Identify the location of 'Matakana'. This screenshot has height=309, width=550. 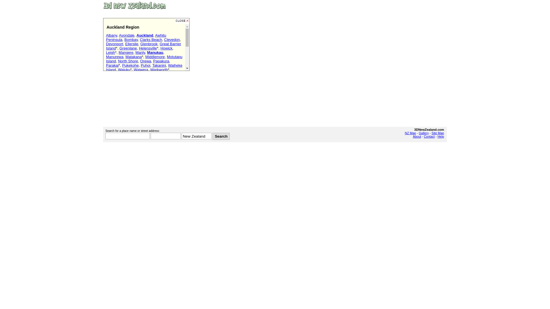
(125, 57).